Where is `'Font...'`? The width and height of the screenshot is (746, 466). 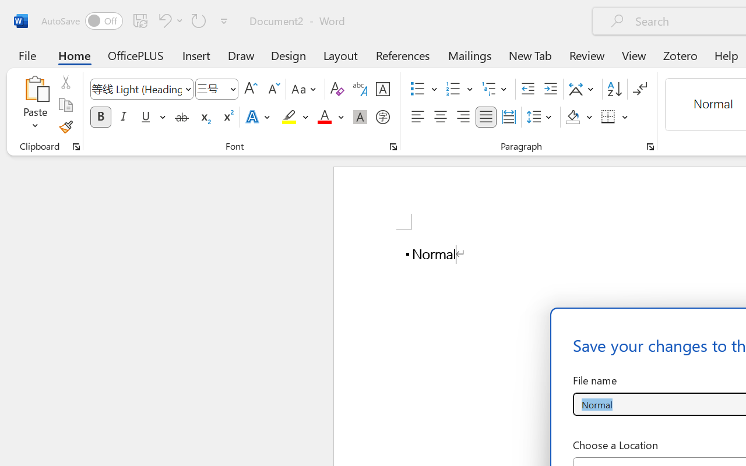 'Font...' is located at coordinates (393, 146).